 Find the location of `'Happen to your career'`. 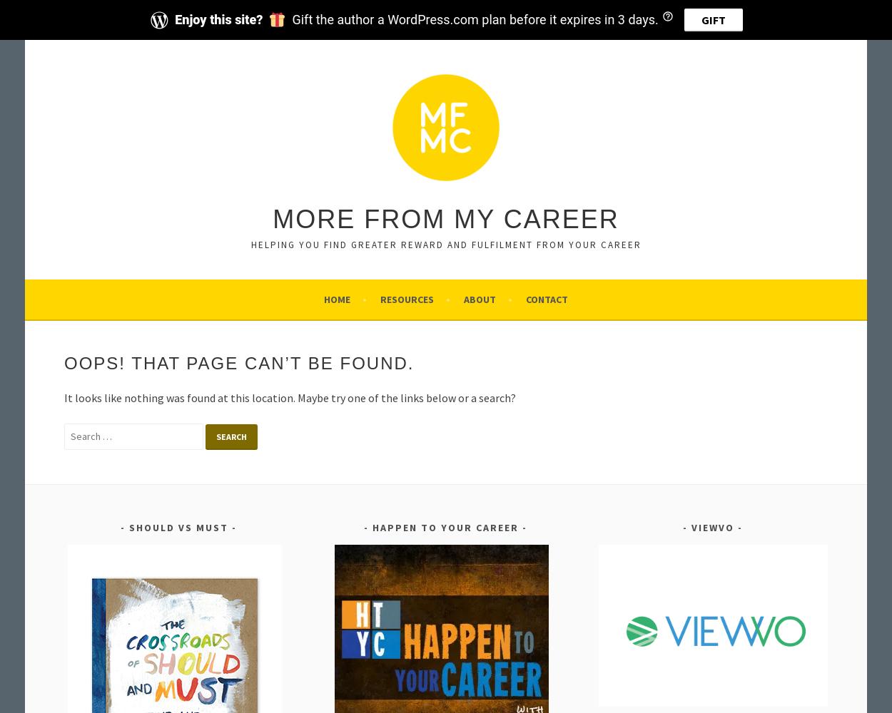

'Happen to your career' is located at coordinates (372, 527).